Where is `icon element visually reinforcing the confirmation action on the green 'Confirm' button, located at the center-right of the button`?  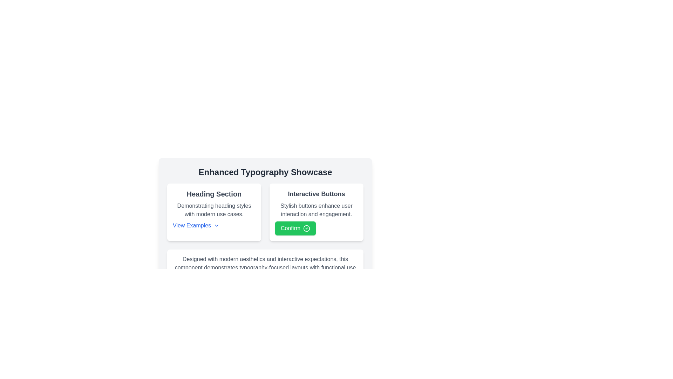
icon element visually reinforcing the confirmation action on the green 'Confirm' button, located at the center-right of the button is located at coordinates (306, 228).